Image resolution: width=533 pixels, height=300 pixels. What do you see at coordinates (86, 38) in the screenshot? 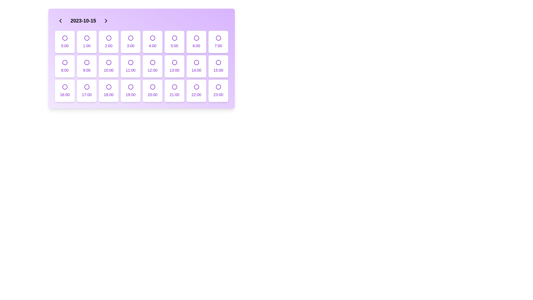
I see `the circular icon that indicates the '1:00' time slot within the selectable card in the second column of the first row of the time slots grid` at bounding box center [86, 38].